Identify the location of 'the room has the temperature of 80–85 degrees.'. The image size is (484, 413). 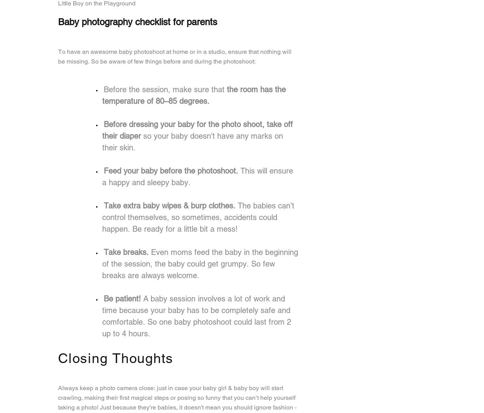
(194, 94).